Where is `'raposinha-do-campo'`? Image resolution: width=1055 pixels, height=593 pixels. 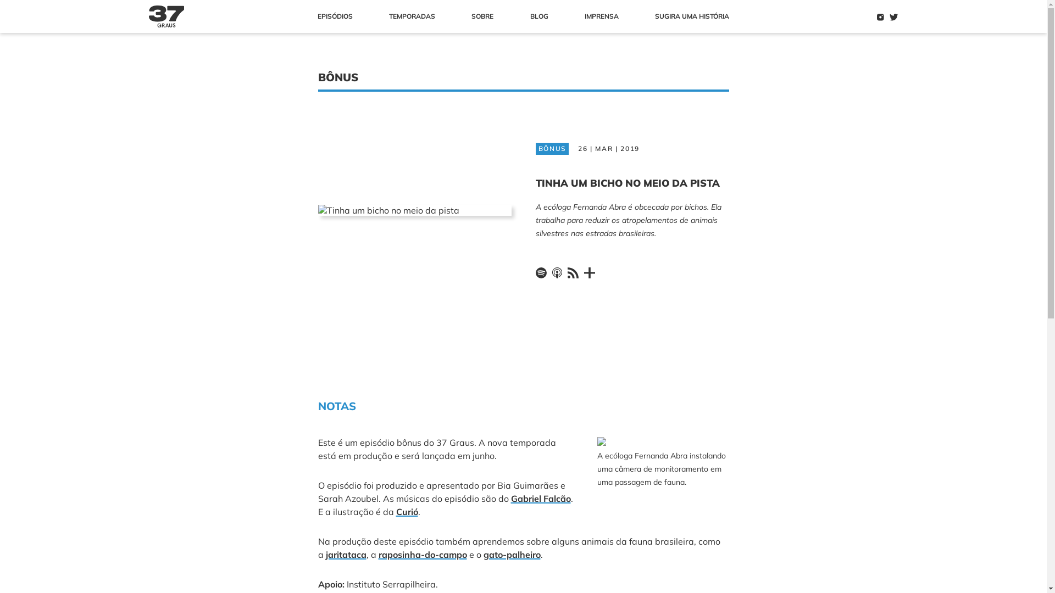
'raposinha-do-campo' is located at coordinates (421, 555).